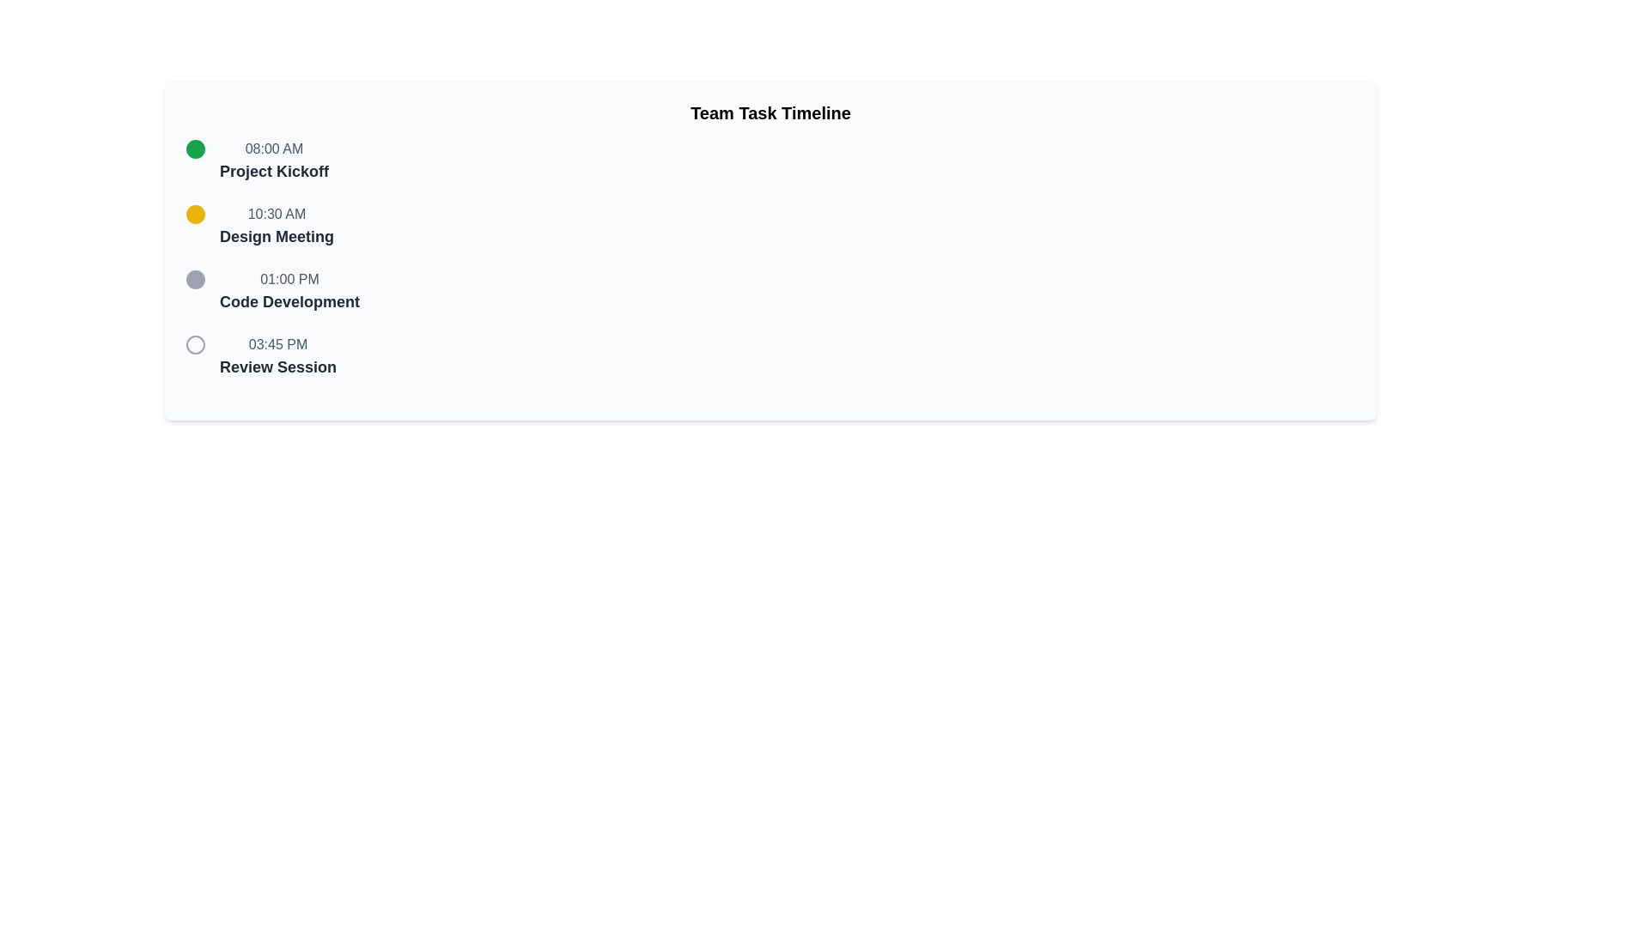  I want to click on the scheduled event text display for the 1:00 PM time slot, which is marked by a gray circle and is the third item in the vertical timeline layout, so click(289, 290).